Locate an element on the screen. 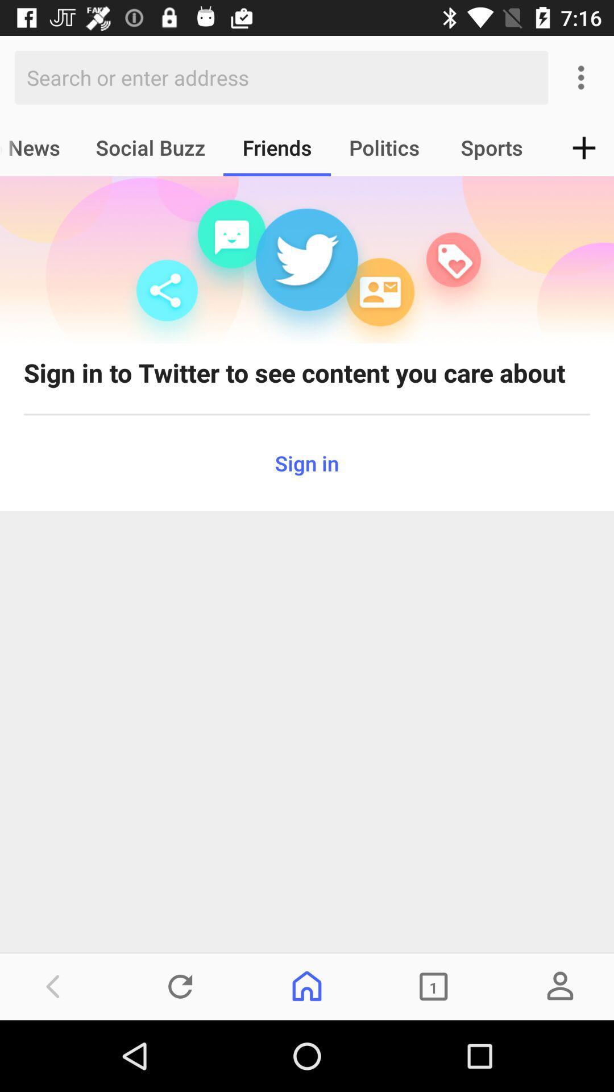 The height and width of the screenshot is (1092, 614). the add icon is located at coordinates (584, 147).